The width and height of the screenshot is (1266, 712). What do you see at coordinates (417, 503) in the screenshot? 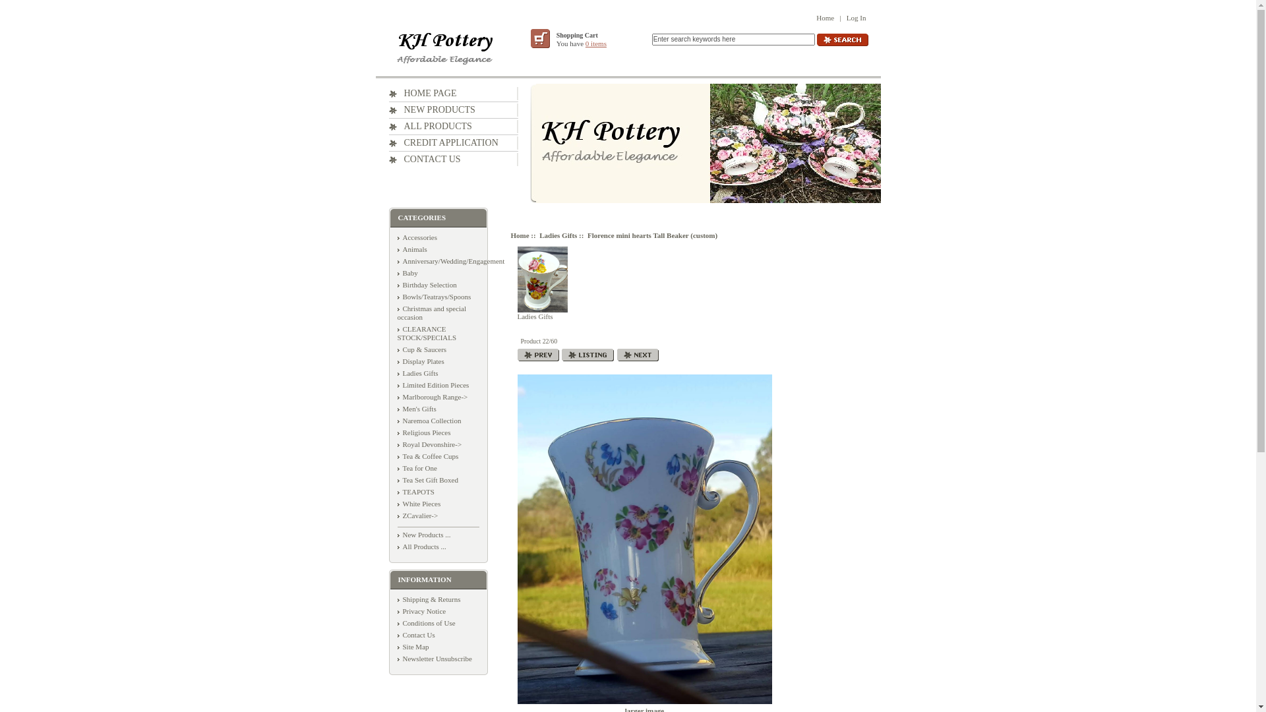
I see `'White Pieces'` at bounding box center [417, 503].